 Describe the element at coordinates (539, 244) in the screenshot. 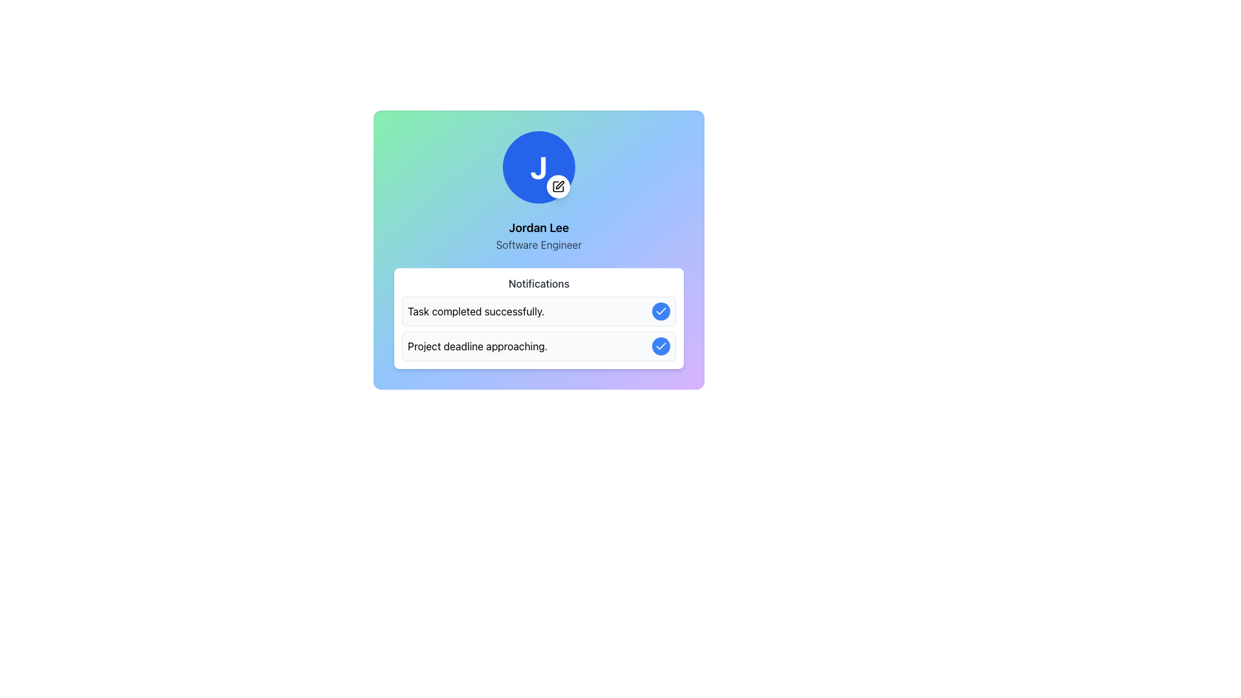

I see `the title text indicating the user's professional role ('Software Engineer')` at that location.